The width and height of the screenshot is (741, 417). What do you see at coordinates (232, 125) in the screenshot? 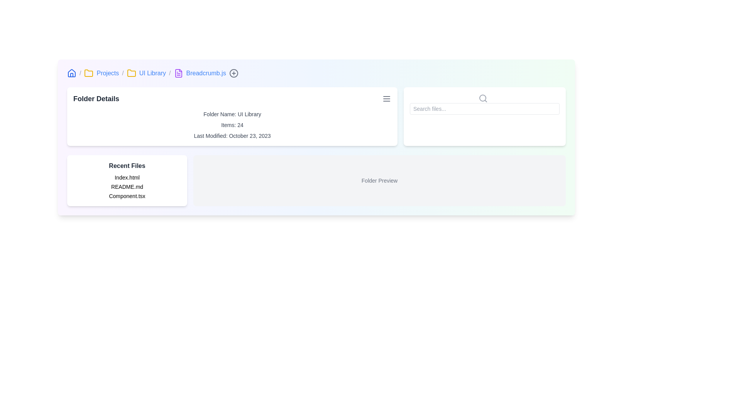
I see `text content of the label displaying 'Items: 24', which is positioned in the 'Folder Details' section, between 'Folder Name: UI Library' and 'Last Modified: October 23, 2023'` at bounding box center [232, 125].